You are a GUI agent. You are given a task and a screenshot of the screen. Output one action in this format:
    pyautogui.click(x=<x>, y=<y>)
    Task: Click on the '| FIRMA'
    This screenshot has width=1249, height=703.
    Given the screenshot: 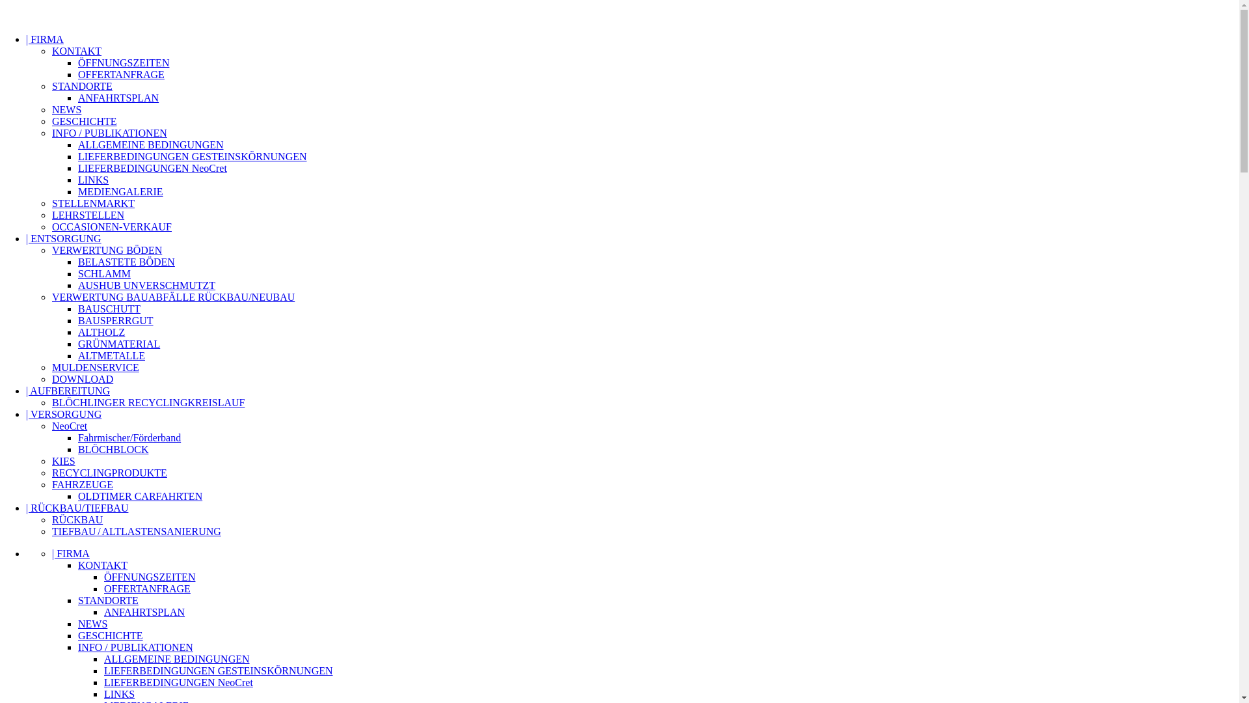 What is the action you would take?
    pyautogui.click(x=44, y=38)
    